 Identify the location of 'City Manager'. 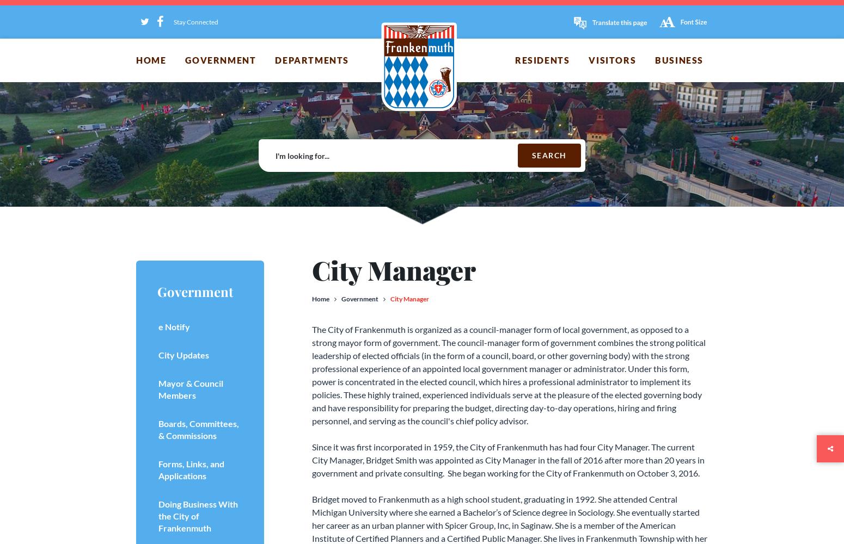
(394, 269).